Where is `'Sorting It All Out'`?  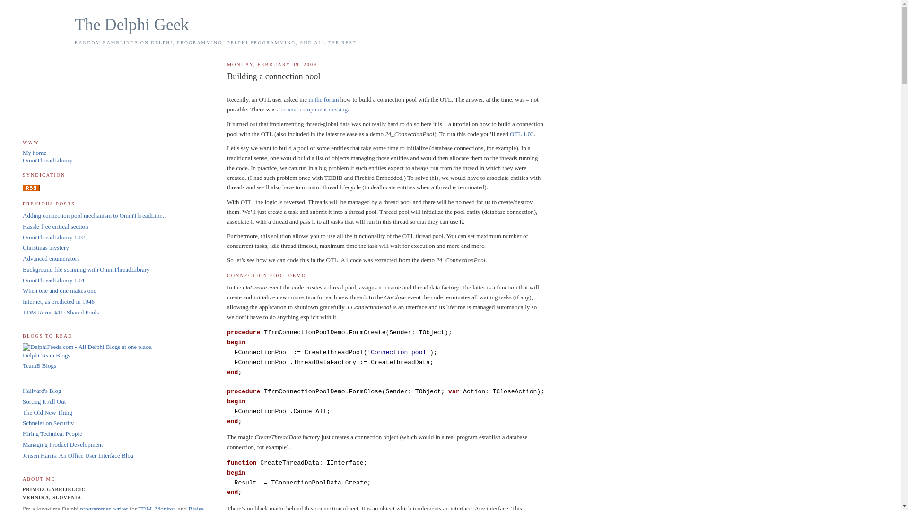 'Sorting It All Out' is located at coordinates (23, 401).